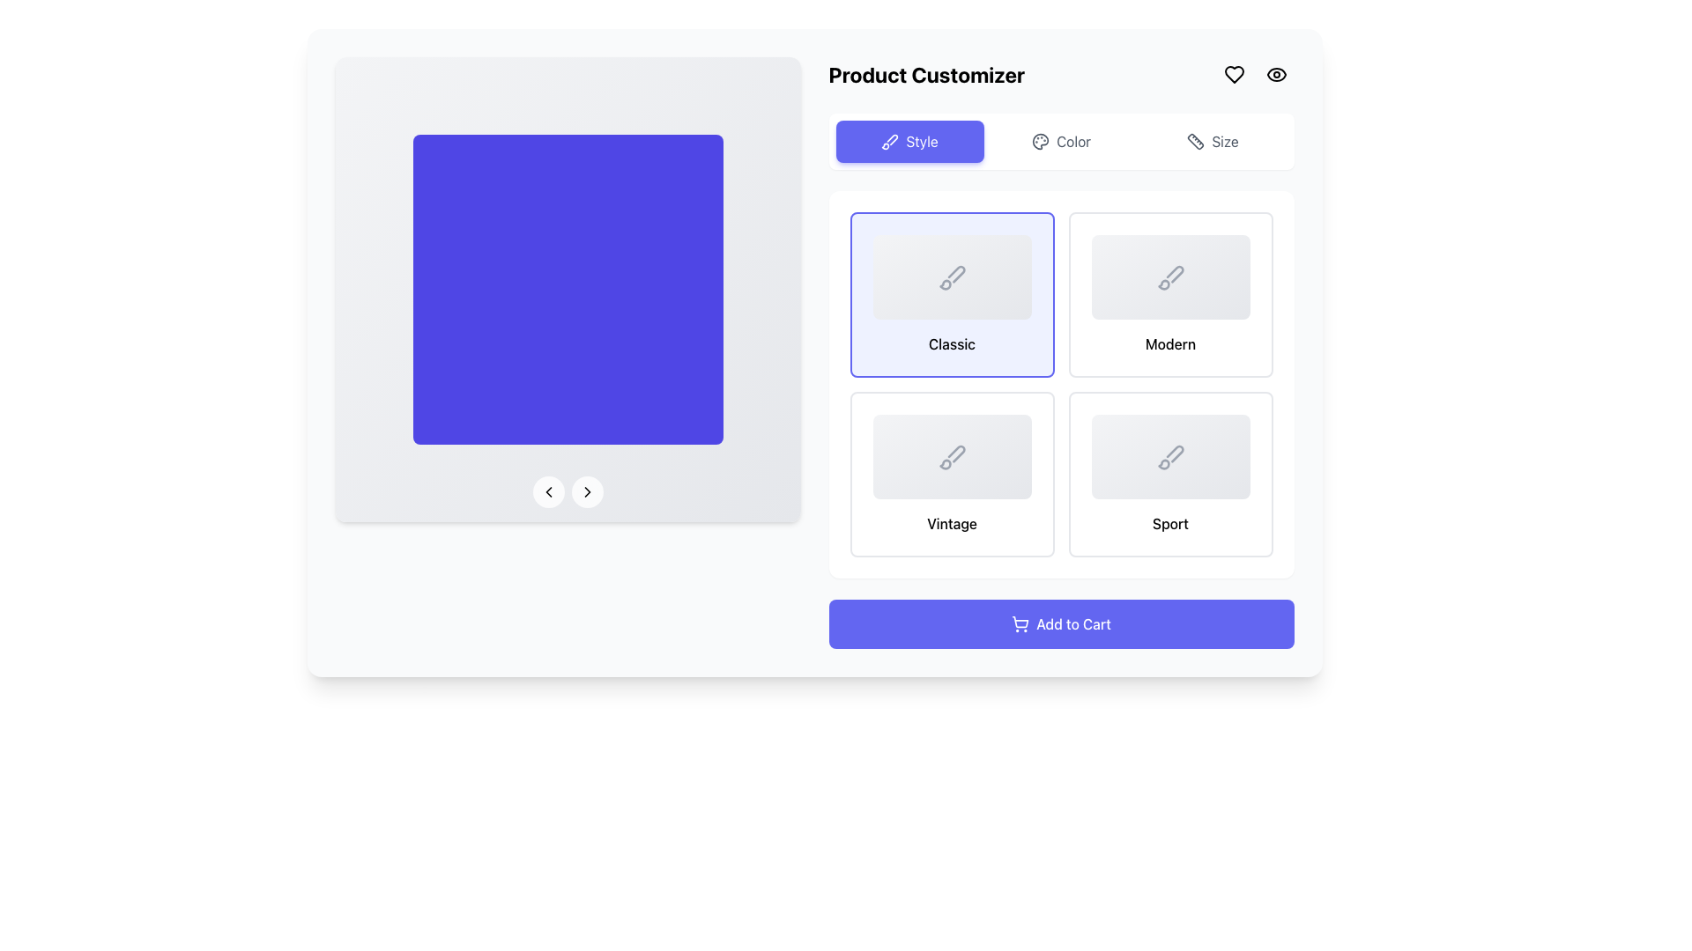  I want to click on the decorative graphical icon resembling a brush stroke located within the 'Modern' selection button in the 'Product Customizer' interface, so click(1175, 274).